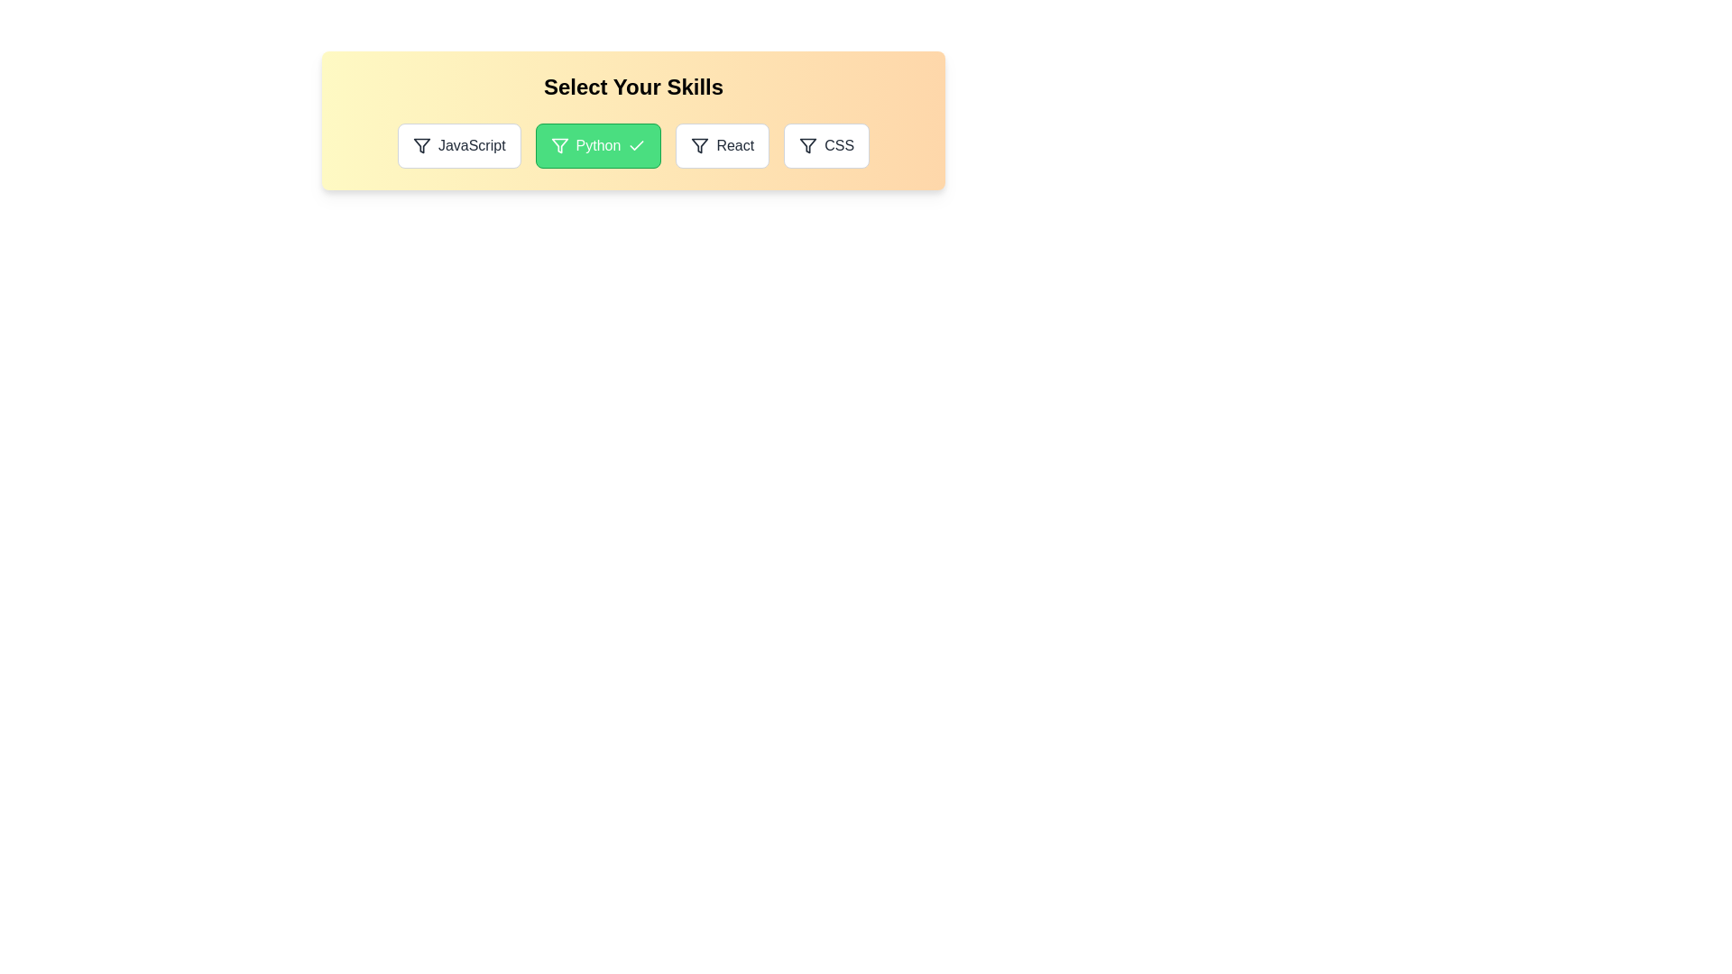 Image resolution: width=1732 pixels, height=974 pixels. Describe the element at coordinates (825, 145) in the screenshot. I see `the skill CSS` at that location.